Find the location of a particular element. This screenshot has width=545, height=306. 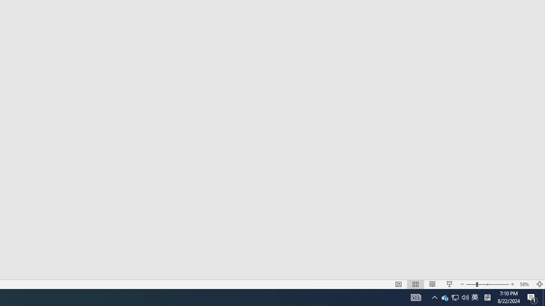

'Zoom 58%' is located at coordinates (525, 284).